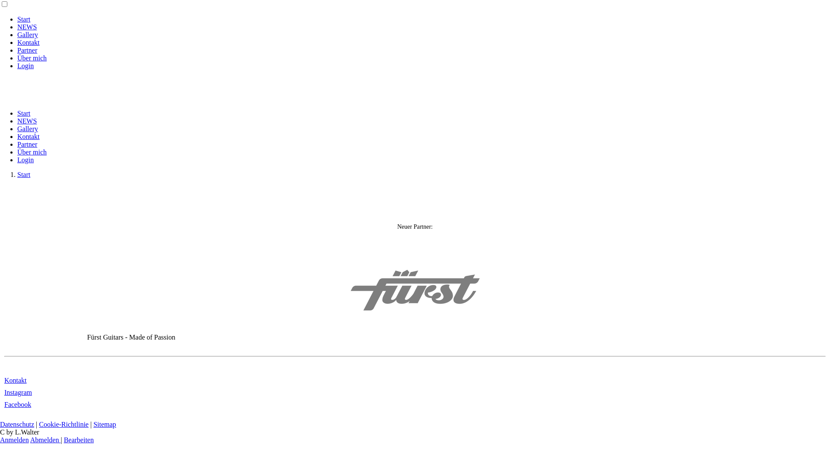 The height and width of the screenshot is (466, 830). What do you see at coordinates (18, 392) in the screenshot?
I see `'Instagram'` at bounding box center [18, 392].